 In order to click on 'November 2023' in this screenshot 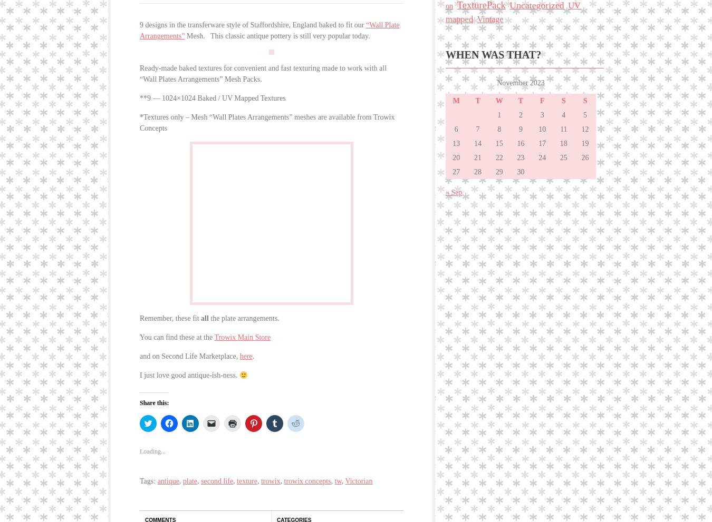, I will do `click(519, 83)`.